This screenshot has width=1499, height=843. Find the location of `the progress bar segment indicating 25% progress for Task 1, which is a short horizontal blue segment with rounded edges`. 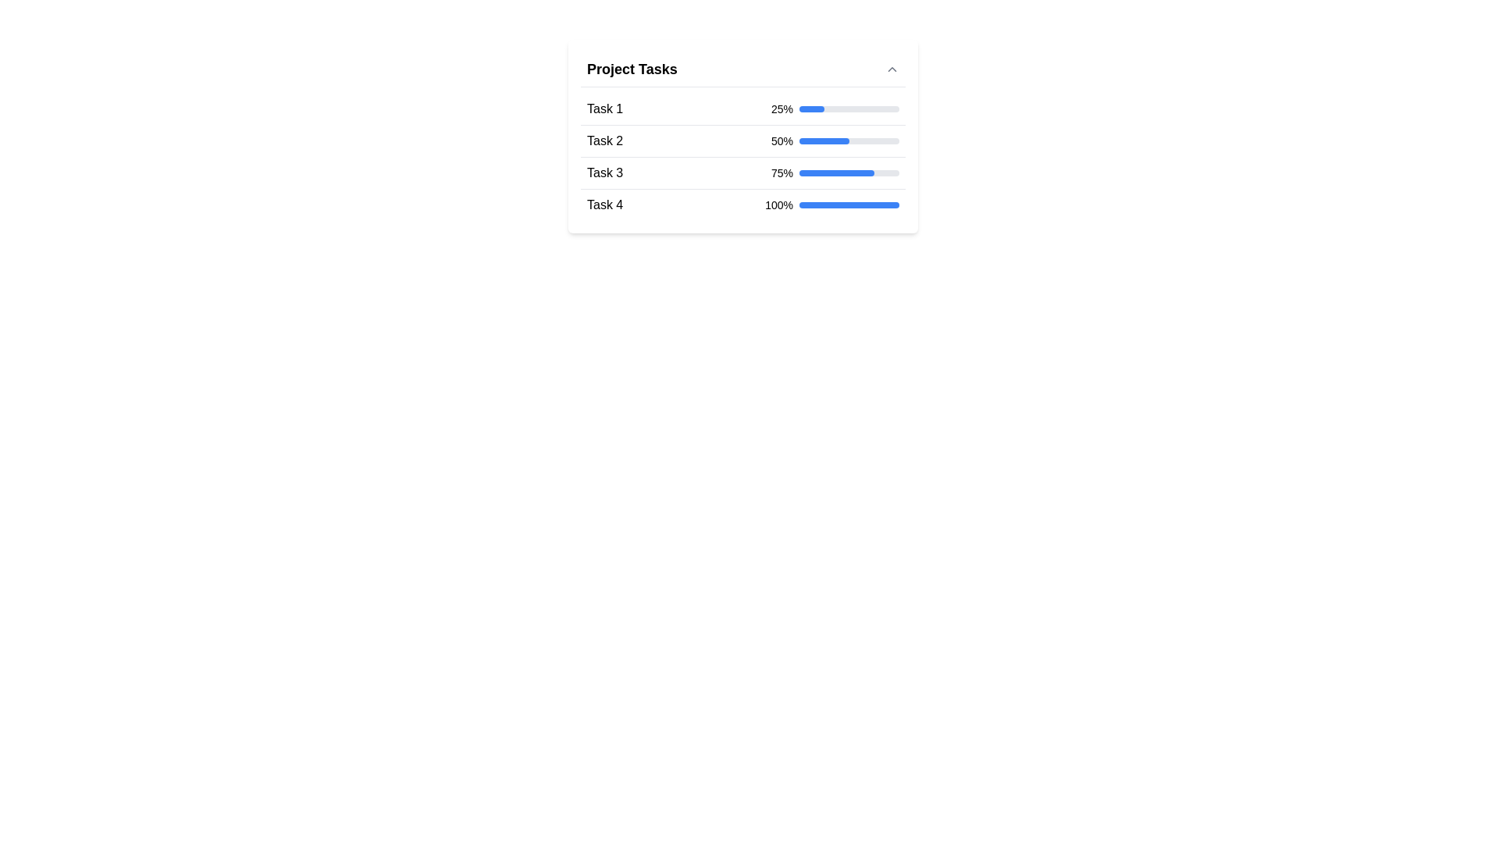

the progress bar segment indicating 25% progress for Task 1, which is a short horizontal blue segment with rounded edges is located at coordinates (812, 108).